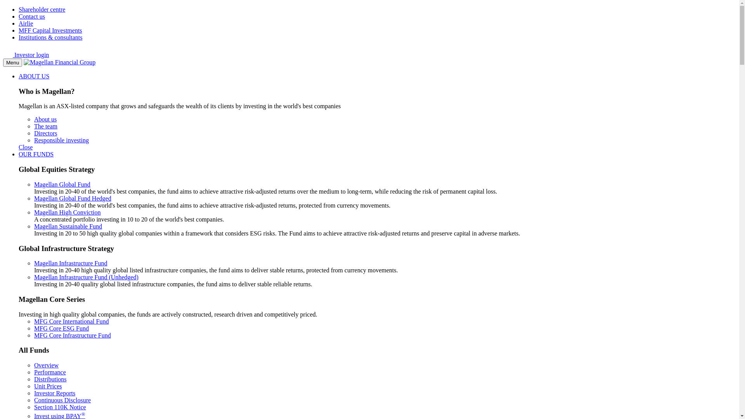  What do you see at coordinates (45, 133) in the screenshot?
I see `'Directors'` at bounding box center [45, 133].